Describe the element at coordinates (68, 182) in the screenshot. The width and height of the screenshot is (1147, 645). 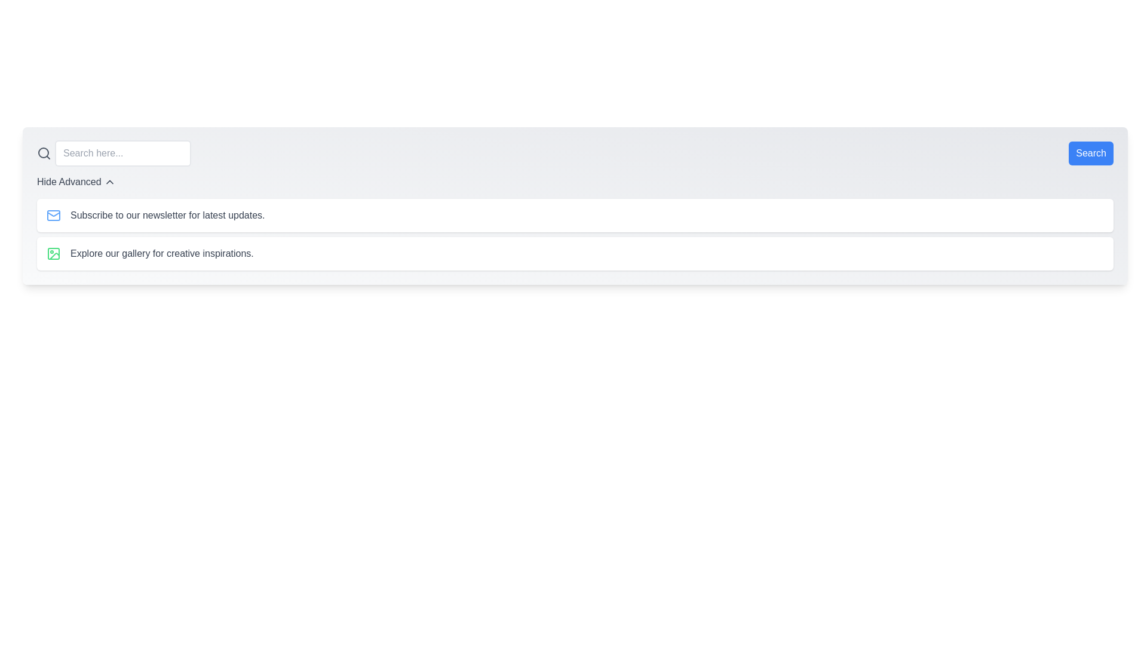
I see `the text label located` at that location.